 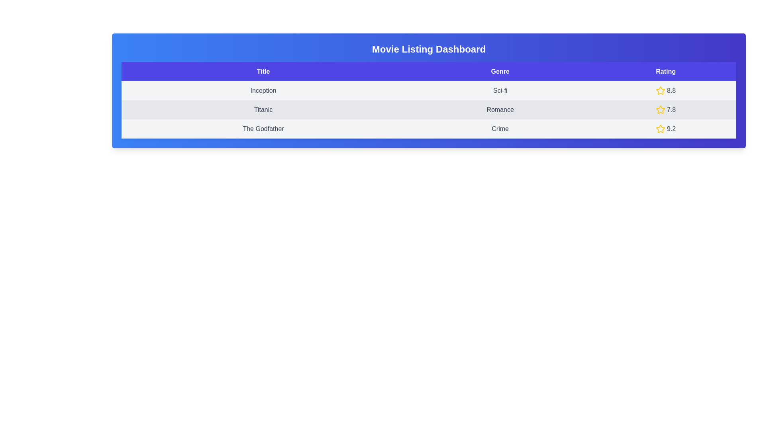 What do you see at coordinates (666, 129) in the screenshot?
I see `rating score of '9.2' displayed alongside the yellow star icon in the 'Rating' column for the movie 'The Godfather'` at bounding box center [666, 129].